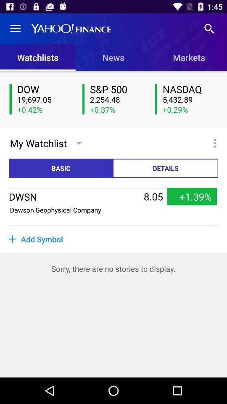  Describe the element at coordinates (216, 143) in the screenshot. I see `icon above details icon` at that location.